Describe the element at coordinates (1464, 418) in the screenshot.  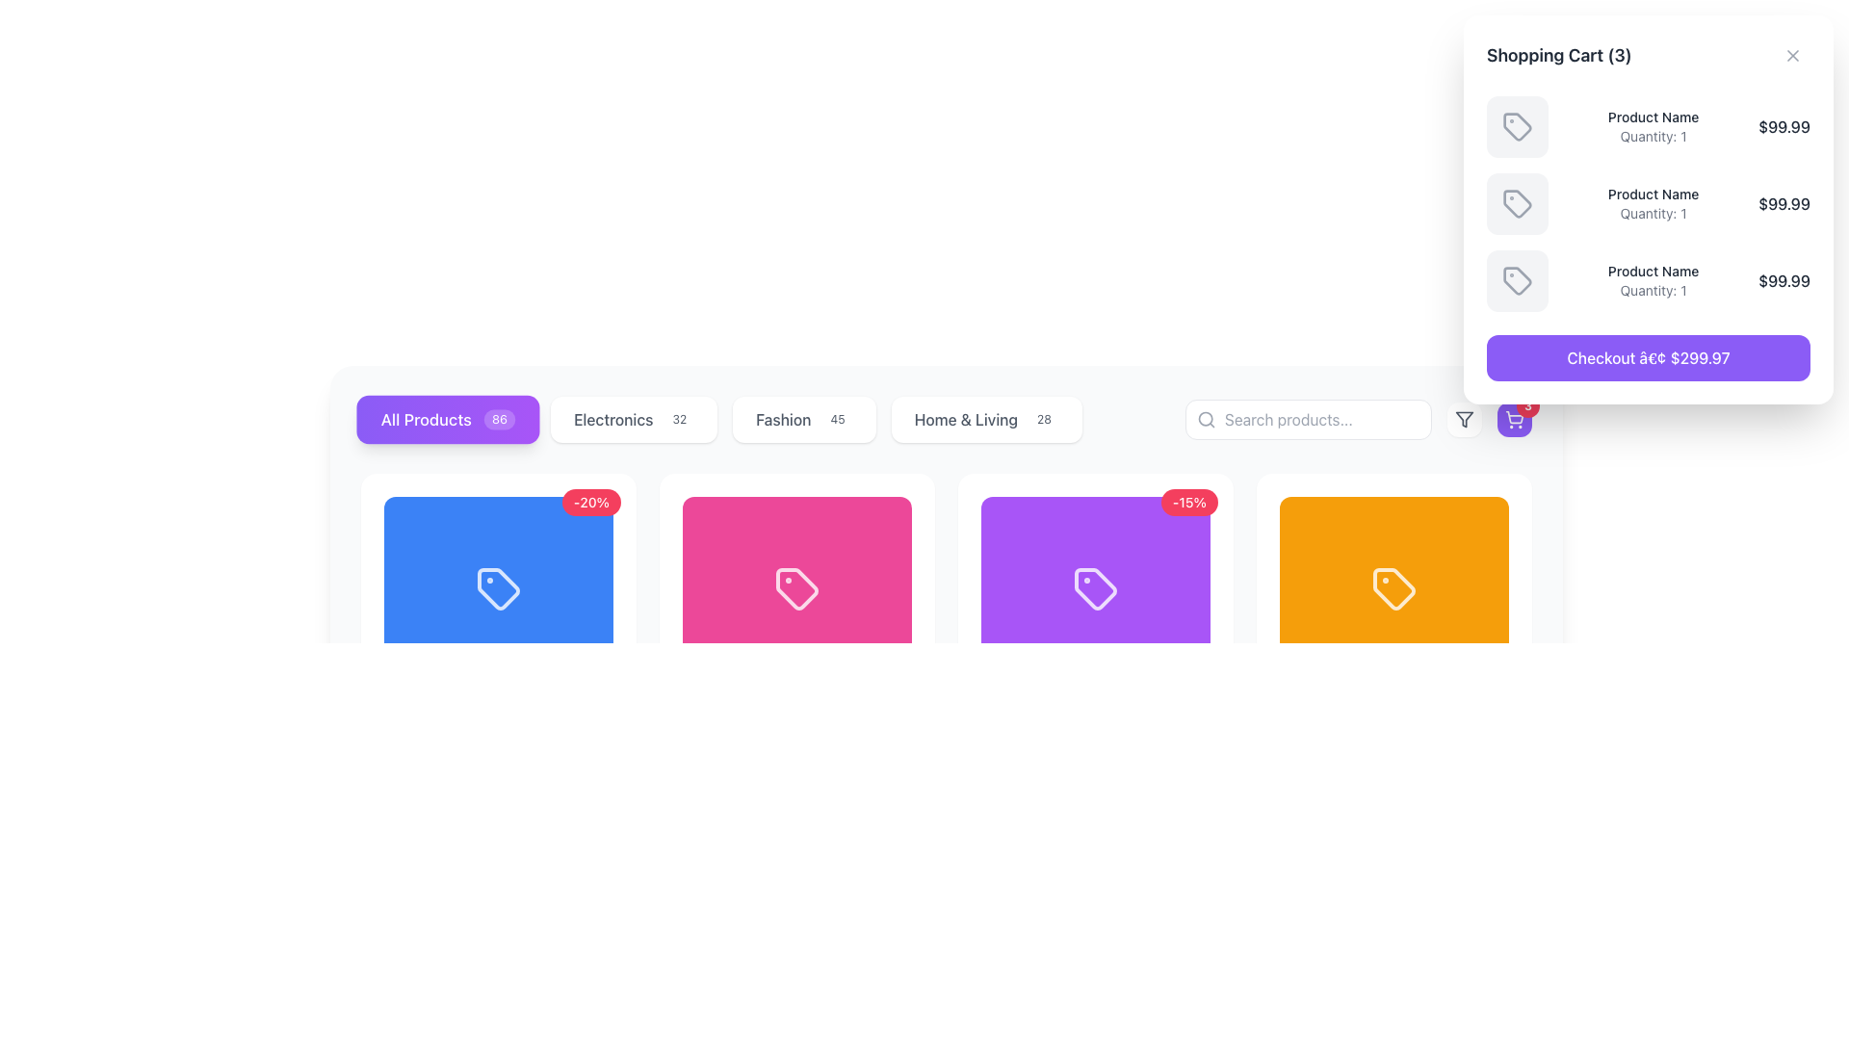
I see `the filter icon located at the top-right corner of the interface, which is centrally positioned within a rounded button with a white background` at that location.